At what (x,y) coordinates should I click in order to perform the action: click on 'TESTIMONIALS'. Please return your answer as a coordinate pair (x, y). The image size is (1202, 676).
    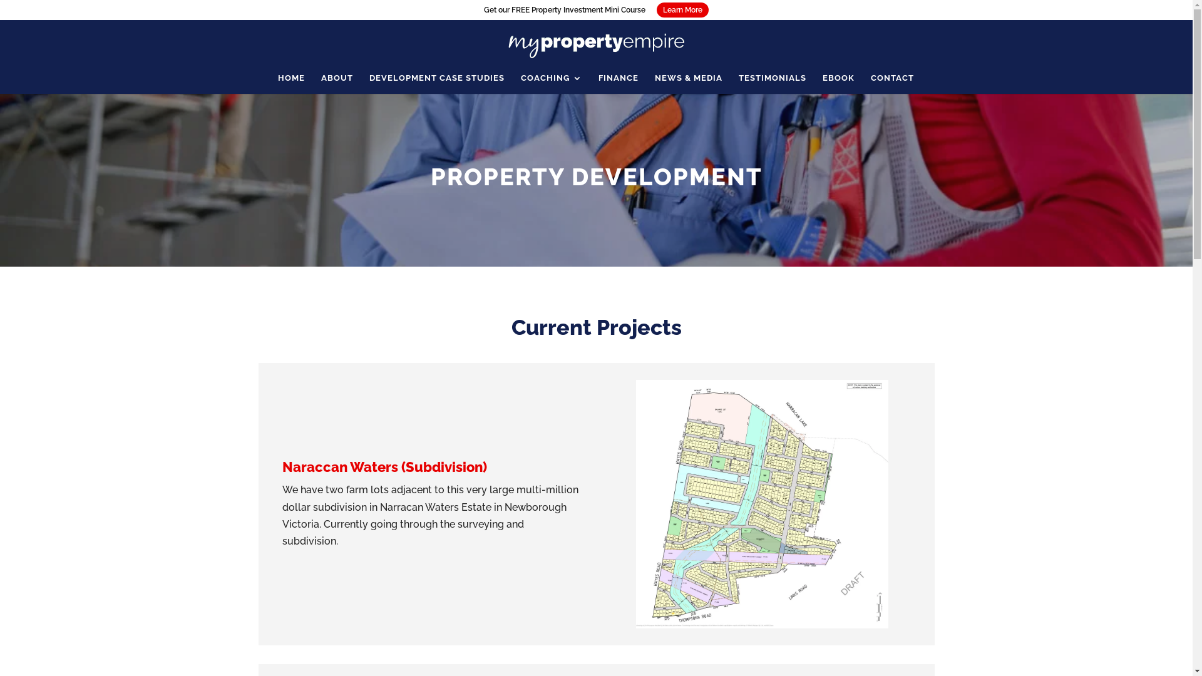
    Looking at the image, I should click on (771, 84).